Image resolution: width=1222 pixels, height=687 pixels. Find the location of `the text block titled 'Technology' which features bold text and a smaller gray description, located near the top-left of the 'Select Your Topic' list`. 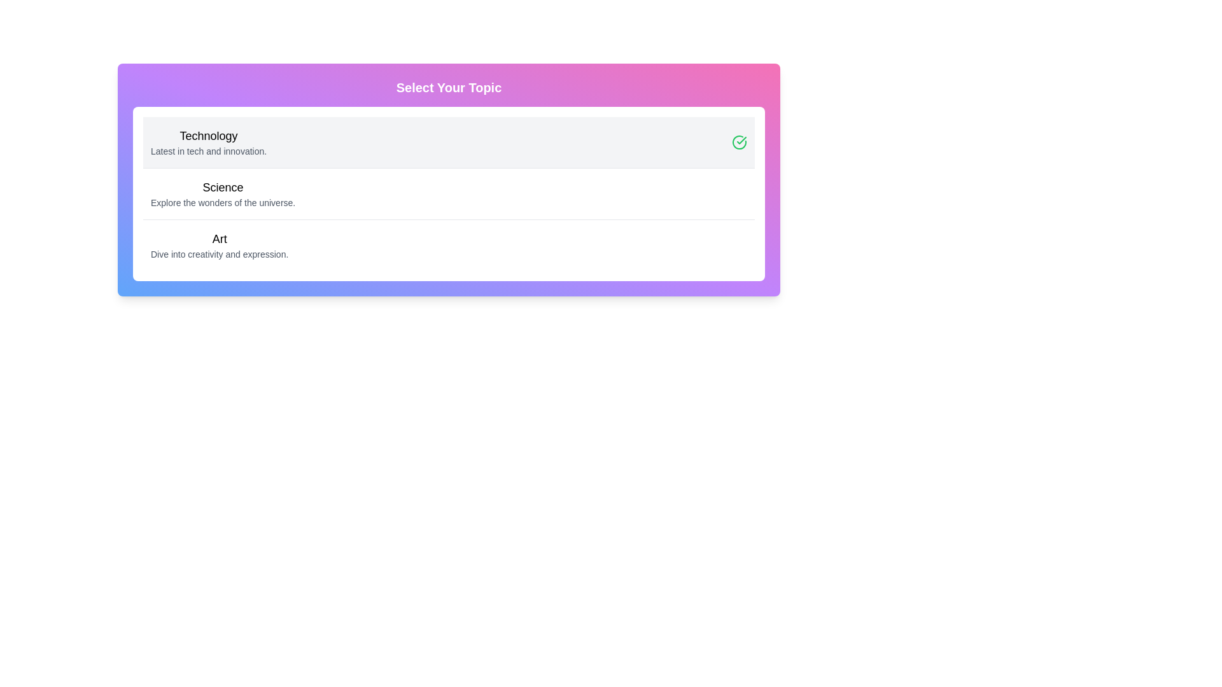

the text block titled 'Technology' which features bold text and a smaller gray description, located near the top-left of the 'Select Your Topic' list is located at coordinates (209, 142).